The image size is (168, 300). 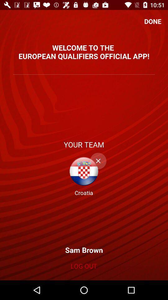 What do you see at coordinates (152, 21) in the screenshot?
I see `the done icon` at bounding box center [152, 21].